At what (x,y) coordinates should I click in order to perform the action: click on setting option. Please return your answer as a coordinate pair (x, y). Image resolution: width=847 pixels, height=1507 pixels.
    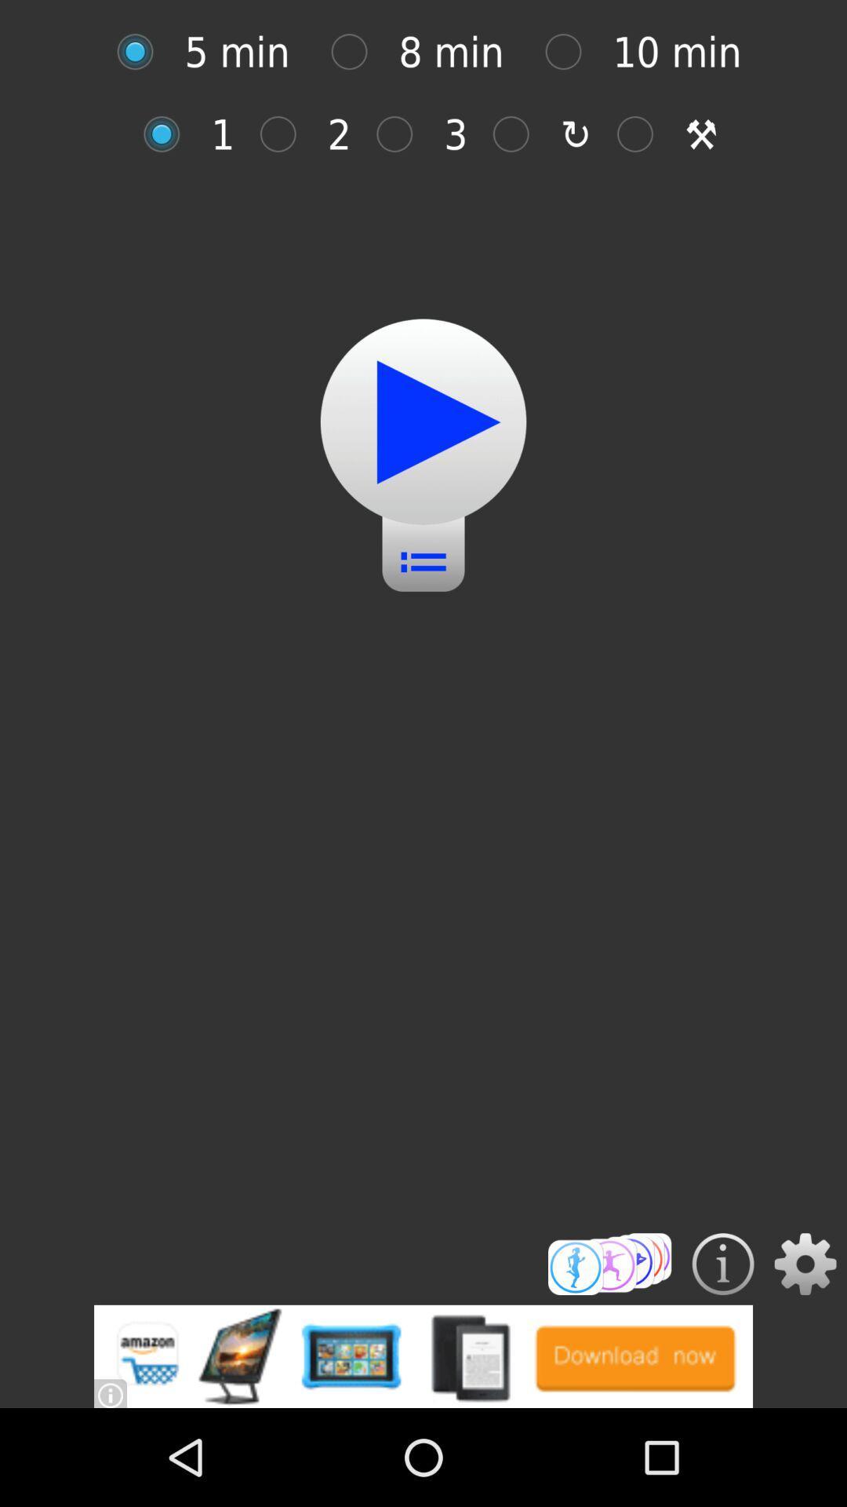
    Looking at the image, I should click on (805, 1264).